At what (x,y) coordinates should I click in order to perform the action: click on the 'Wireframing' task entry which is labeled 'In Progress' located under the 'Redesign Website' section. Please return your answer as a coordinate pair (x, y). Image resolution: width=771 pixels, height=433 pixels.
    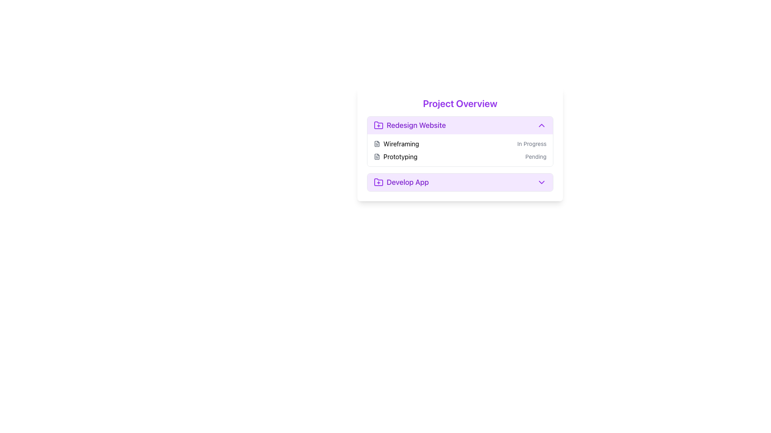
    Looking at the image, I should click on (460, 143).